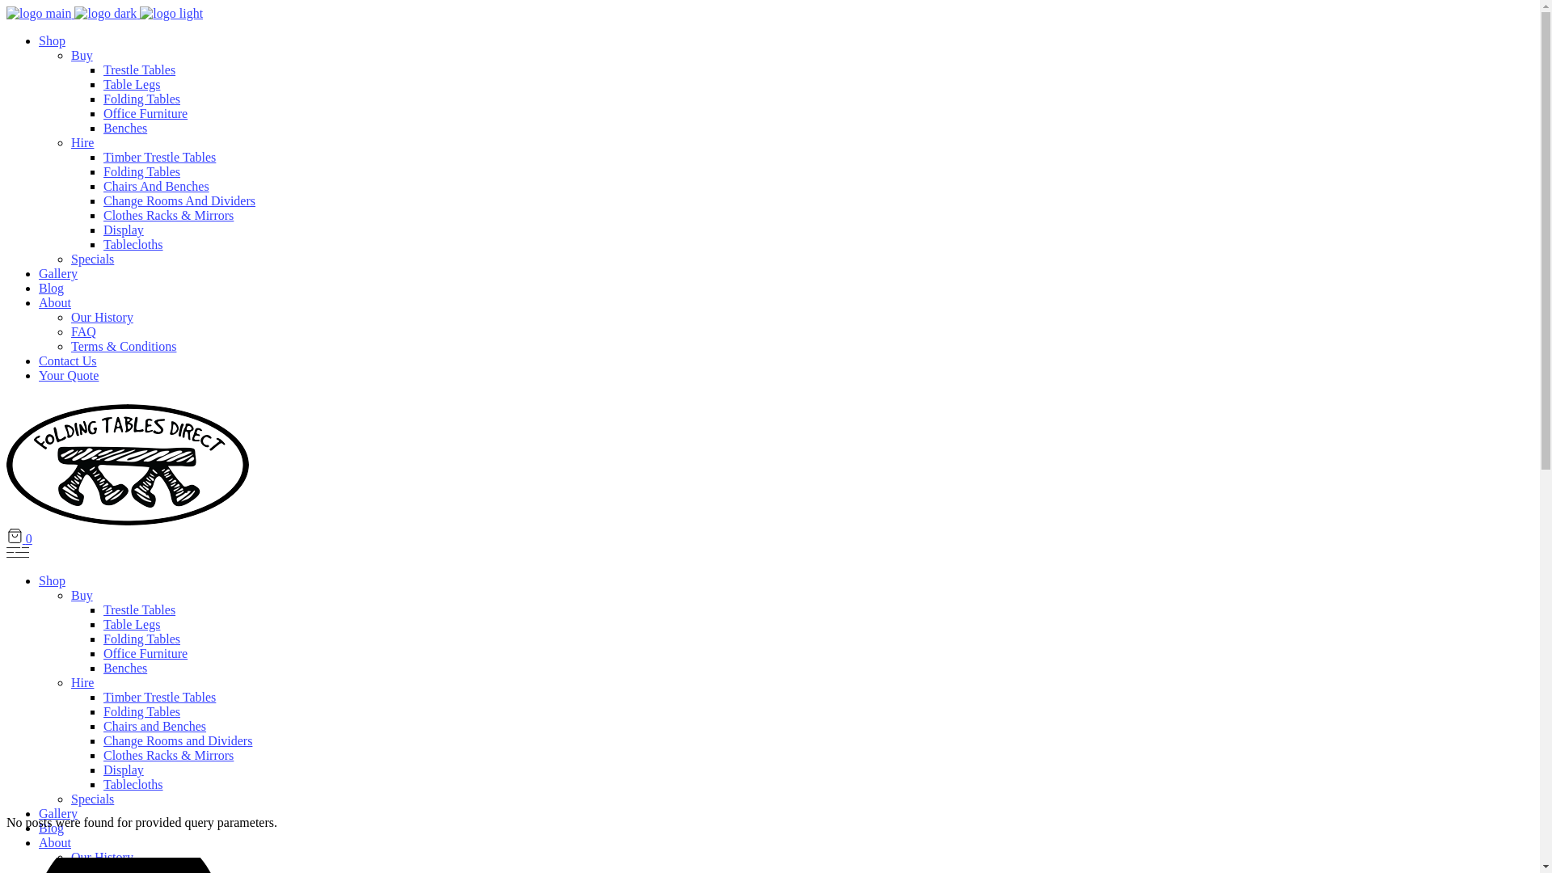 This screenshot has height=873, width=1552. What do you see at coordinates (68, 375) in the screenshot?
I see `'Your Quote'` at bounding box center [68, 375].